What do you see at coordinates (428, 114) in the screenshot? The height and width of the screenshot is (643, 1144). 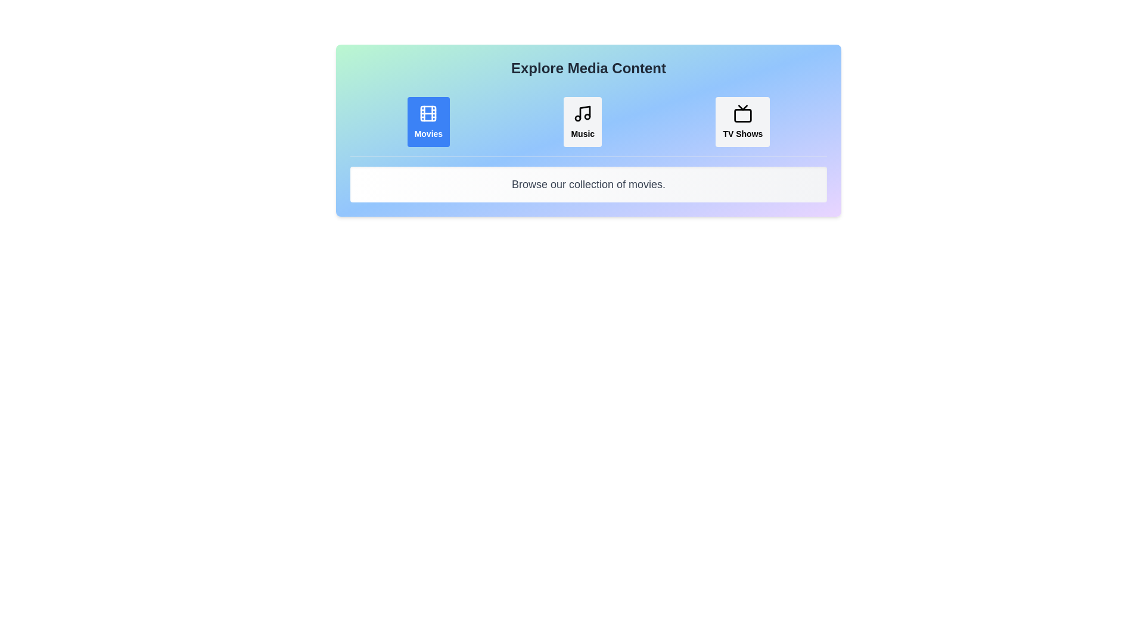 I see `the decorative SVG rectangle that is part of the 'Movies' icon, which is the first icon in a horizontal row at the top of the interface` at bounding box center [428, 114].